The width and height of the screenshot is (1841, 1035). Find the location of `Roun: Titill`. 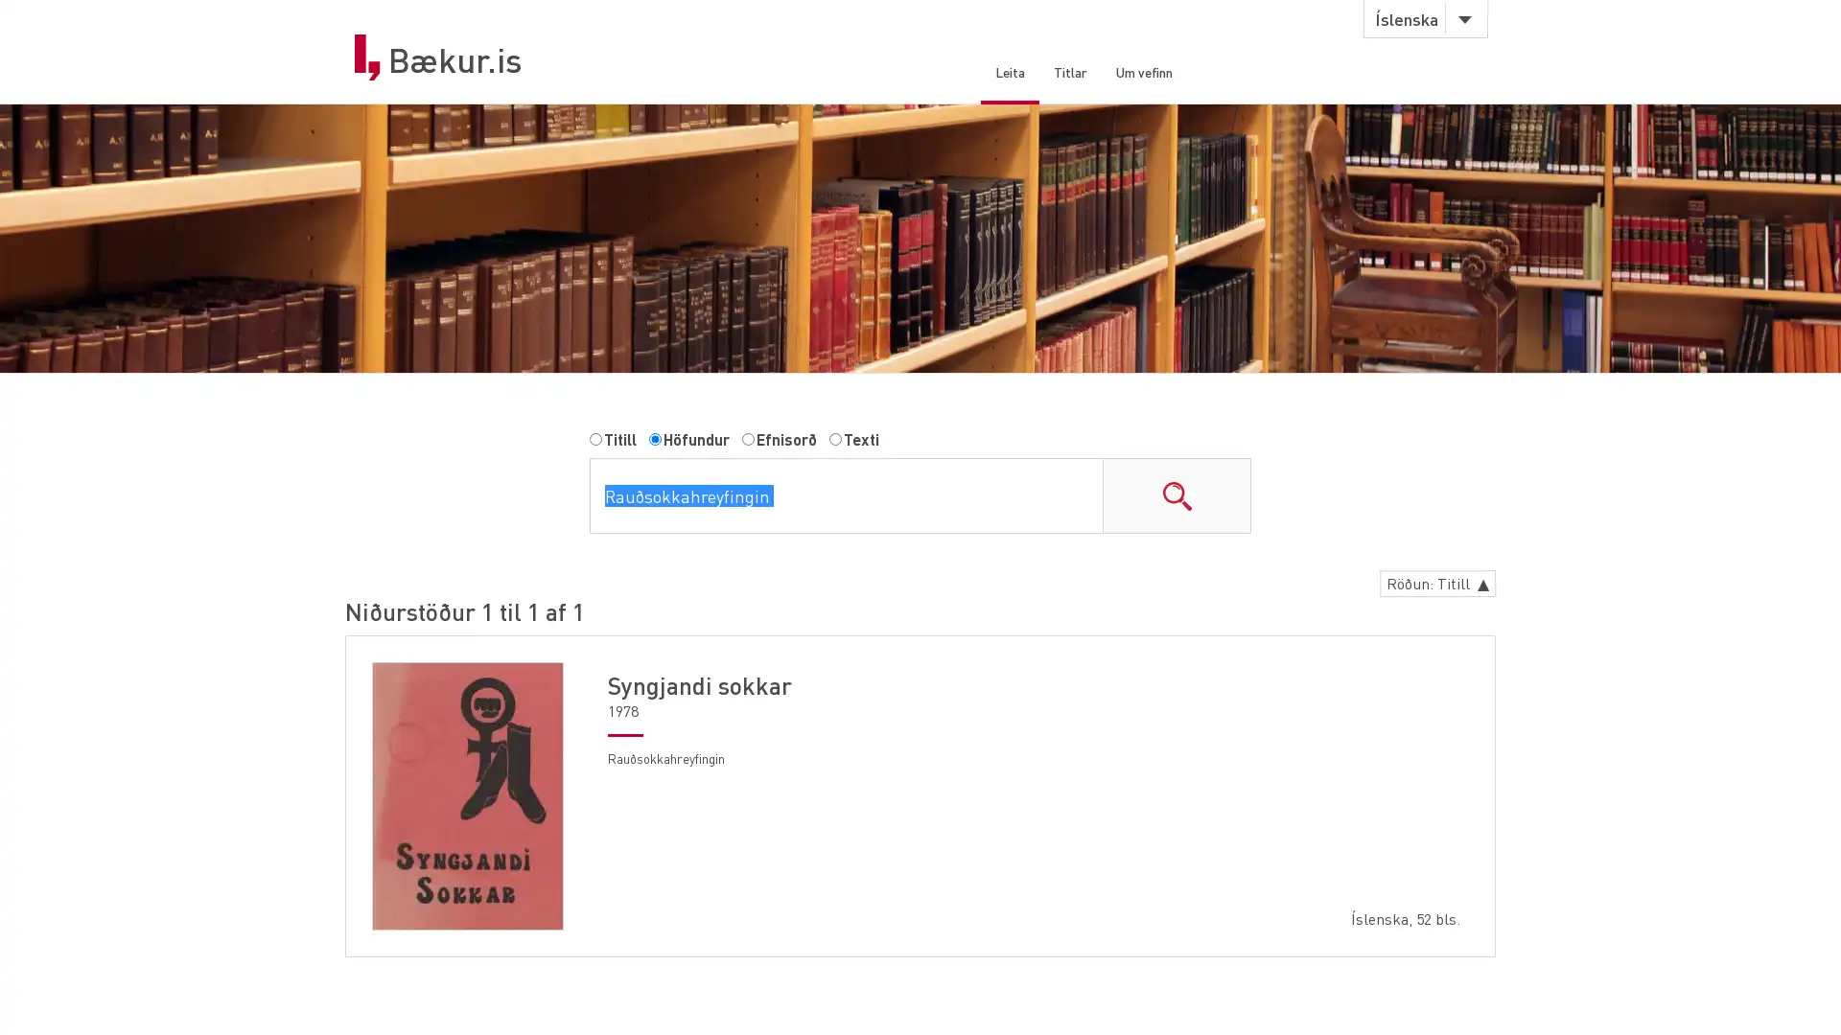

Roun: Titill is located at coordinates (1432, 586).